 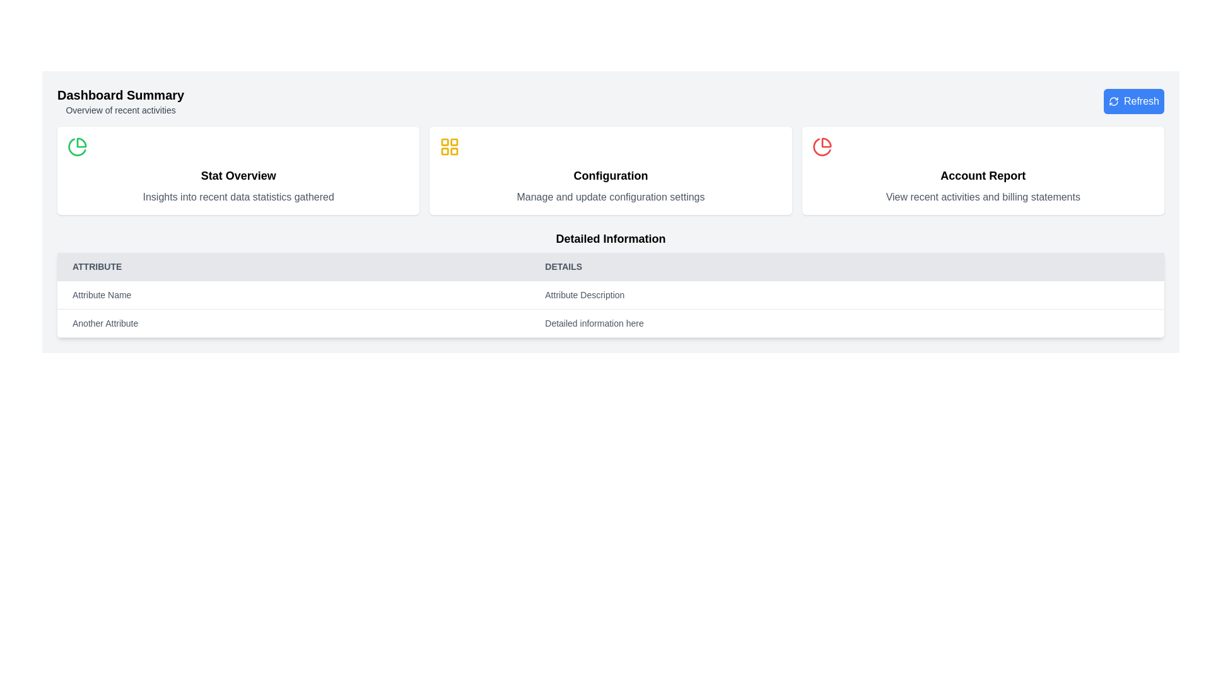 What do you see at coordinates (120, 109) in the screenshot?
I see `the text label that says 'Overview of recent activities' located below the heading 'Dashboard Summary'` at bounding box center [120, 109].